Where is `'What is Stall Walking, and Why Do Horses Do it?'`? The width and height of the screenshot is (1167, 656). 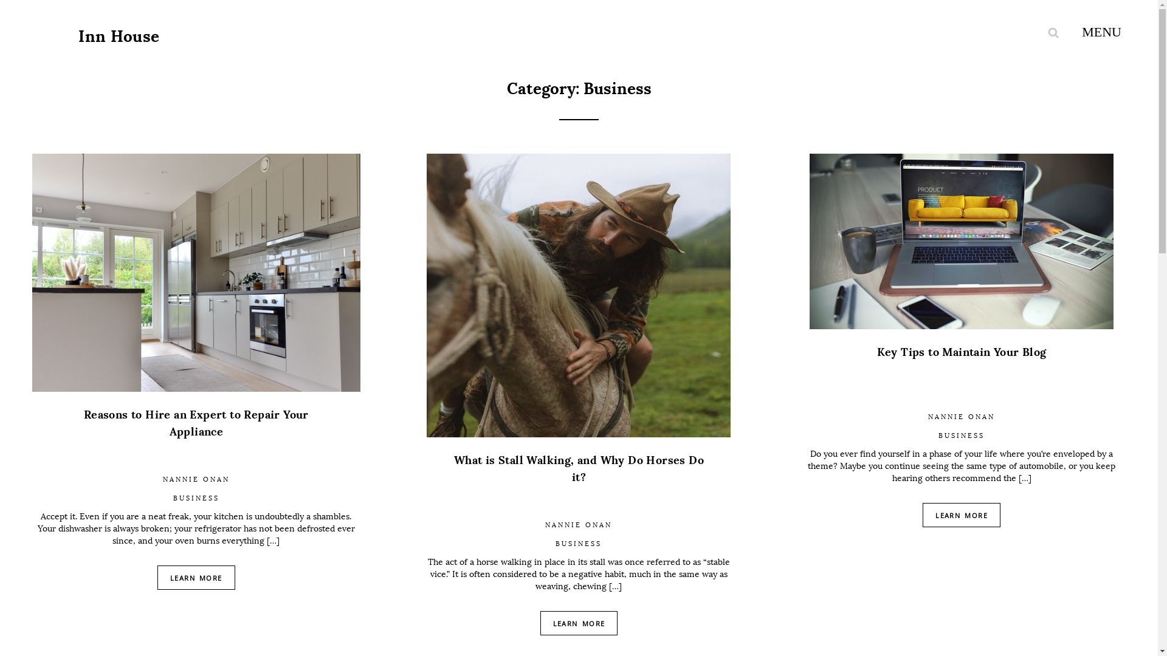
'What is Stall Walking, and Why Do Horses Do it?' is located at coordinates (579, 482).